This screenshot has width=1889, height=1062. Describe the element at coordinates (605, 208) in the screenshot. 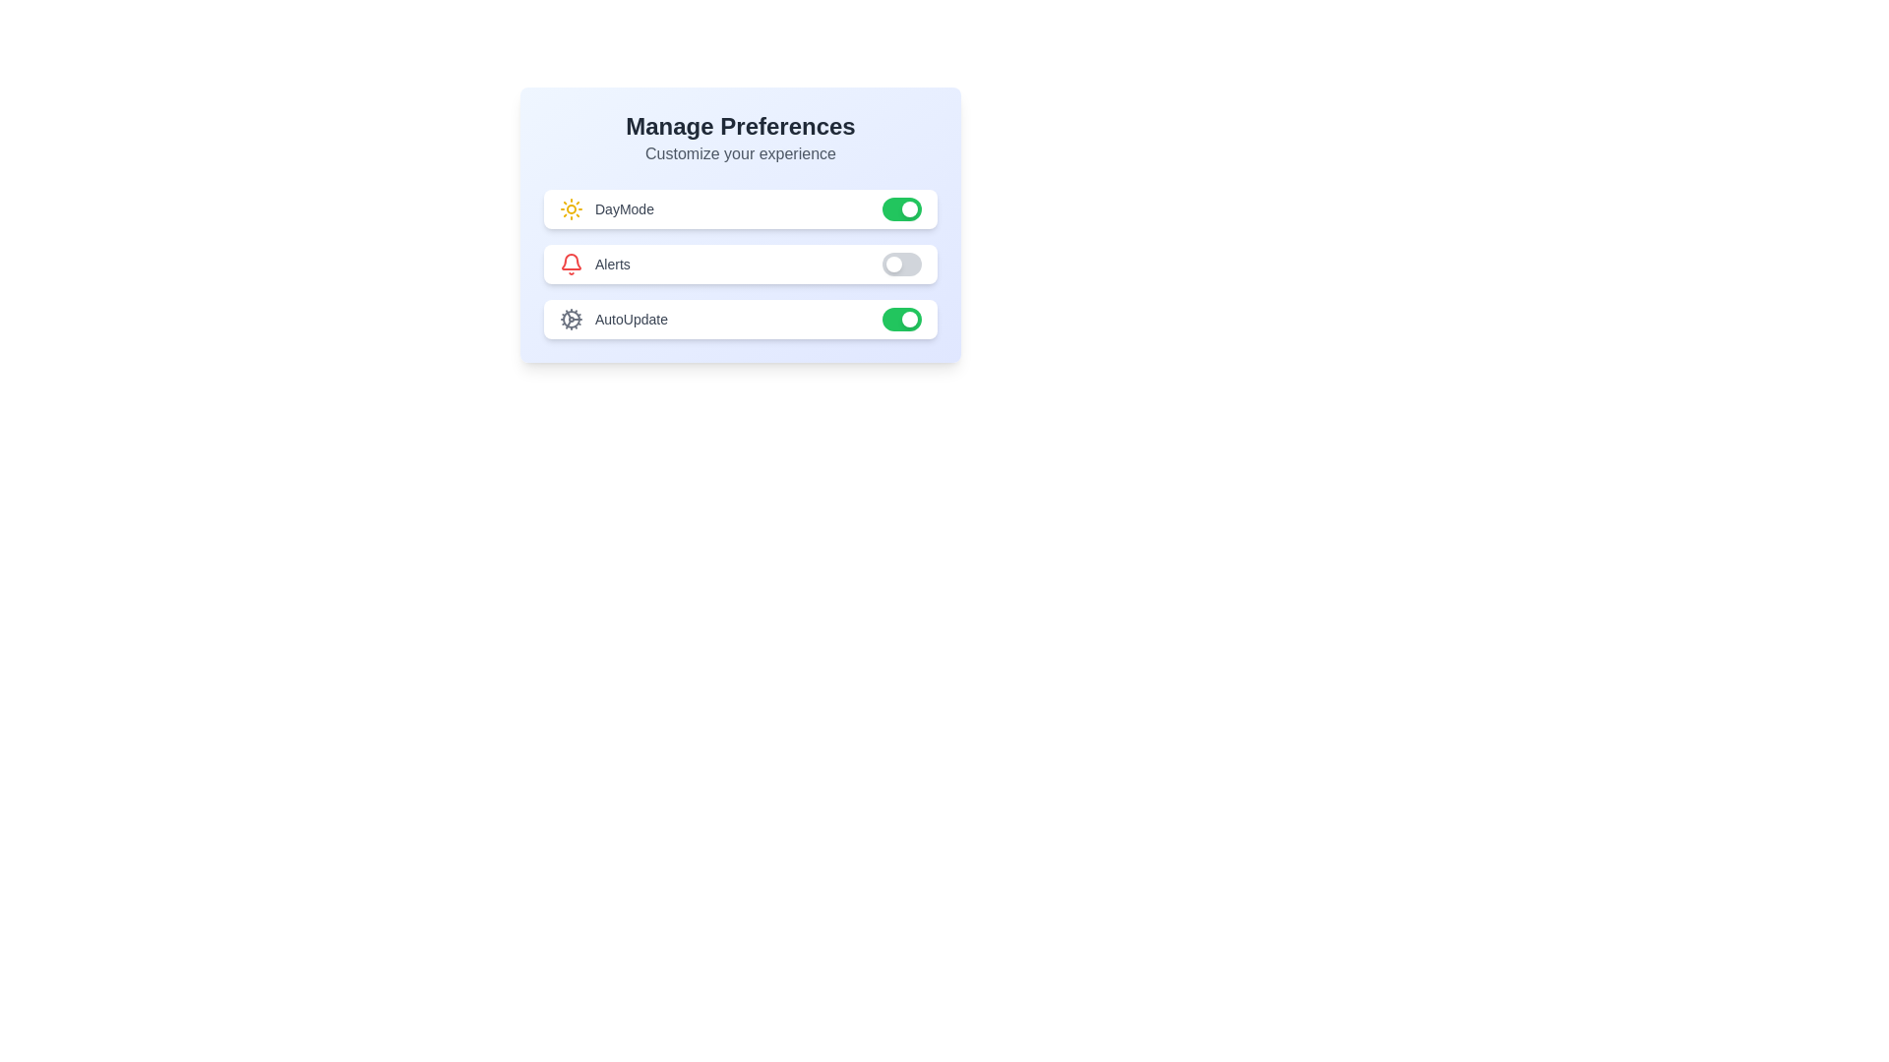

I see `'Day Mode' toggle option label and icon located at the top left corner of the preferences section in the white rectangular card` at that location.